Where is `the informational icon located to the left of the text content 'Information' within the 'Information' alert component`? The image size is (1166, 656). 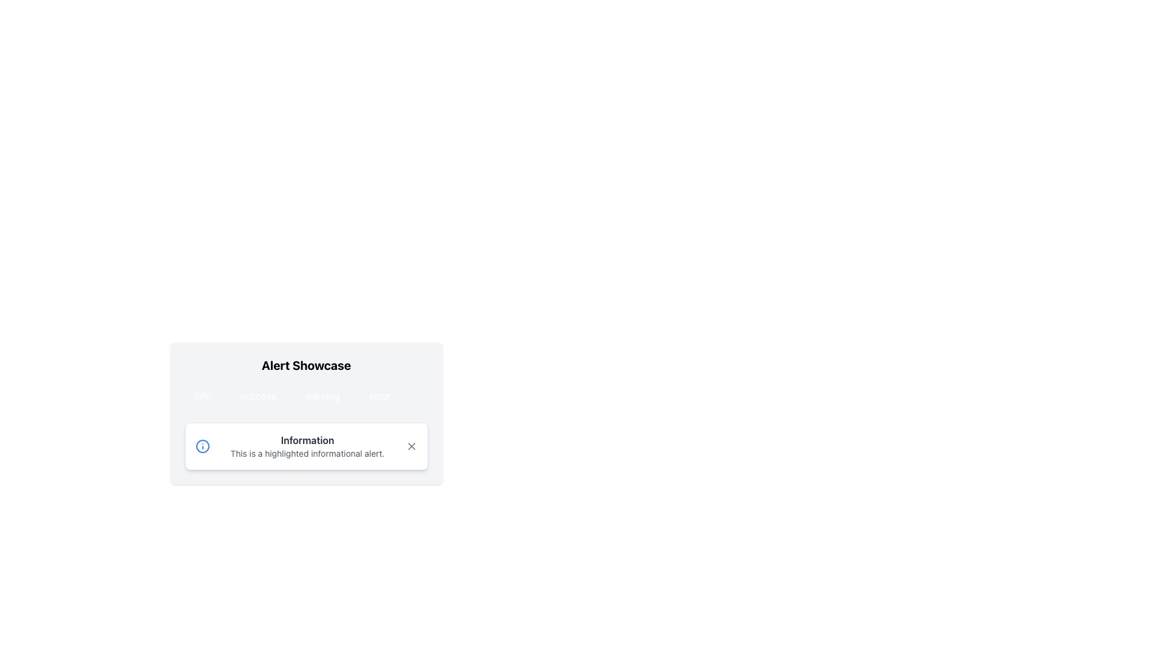 the informational icon located to the left of the text content 'Information' within the 'Information' alert component is located at coordinates (202, 446).